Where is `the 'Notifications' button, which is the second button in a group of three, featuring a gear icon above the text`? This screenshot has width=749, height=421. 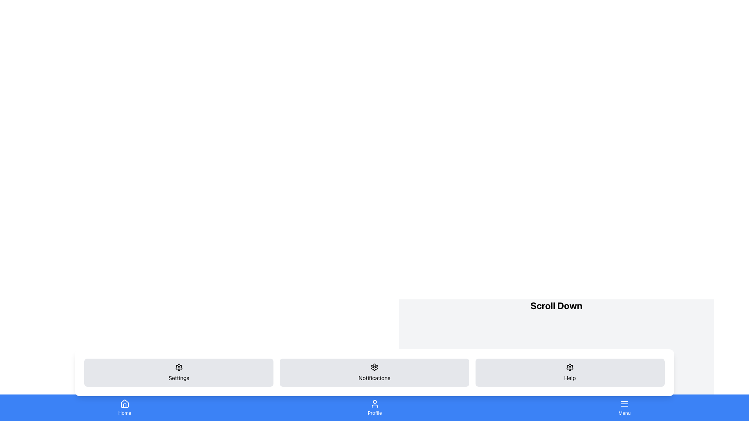 the 'Notifications' button, which is the second button in a group of three, featuring a gear icon above the text is located at coordinates (374, 372).